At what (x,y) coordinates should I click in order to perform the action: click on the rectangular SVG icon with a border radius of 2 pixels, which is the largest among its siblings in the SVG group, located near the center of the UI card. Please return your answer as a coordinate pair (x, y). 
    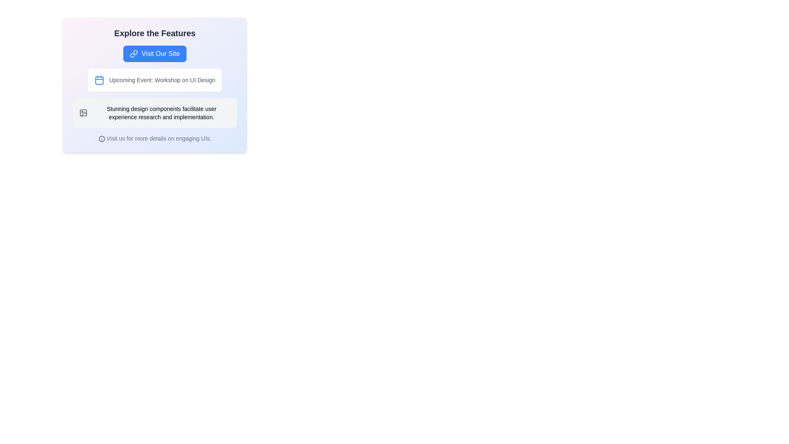
    Looking at the image, I should click on (83, 113).